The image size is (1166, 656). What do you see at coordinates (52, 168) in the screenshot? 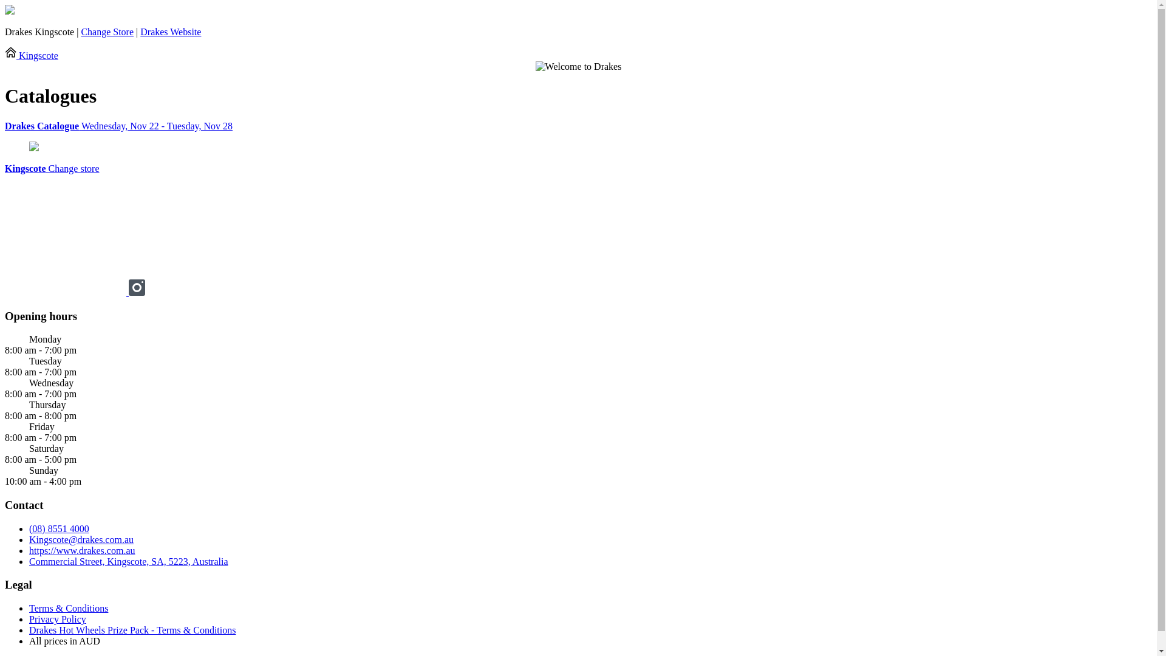
I see `'Kingscote Change store'` at bounding box center [52, 168].